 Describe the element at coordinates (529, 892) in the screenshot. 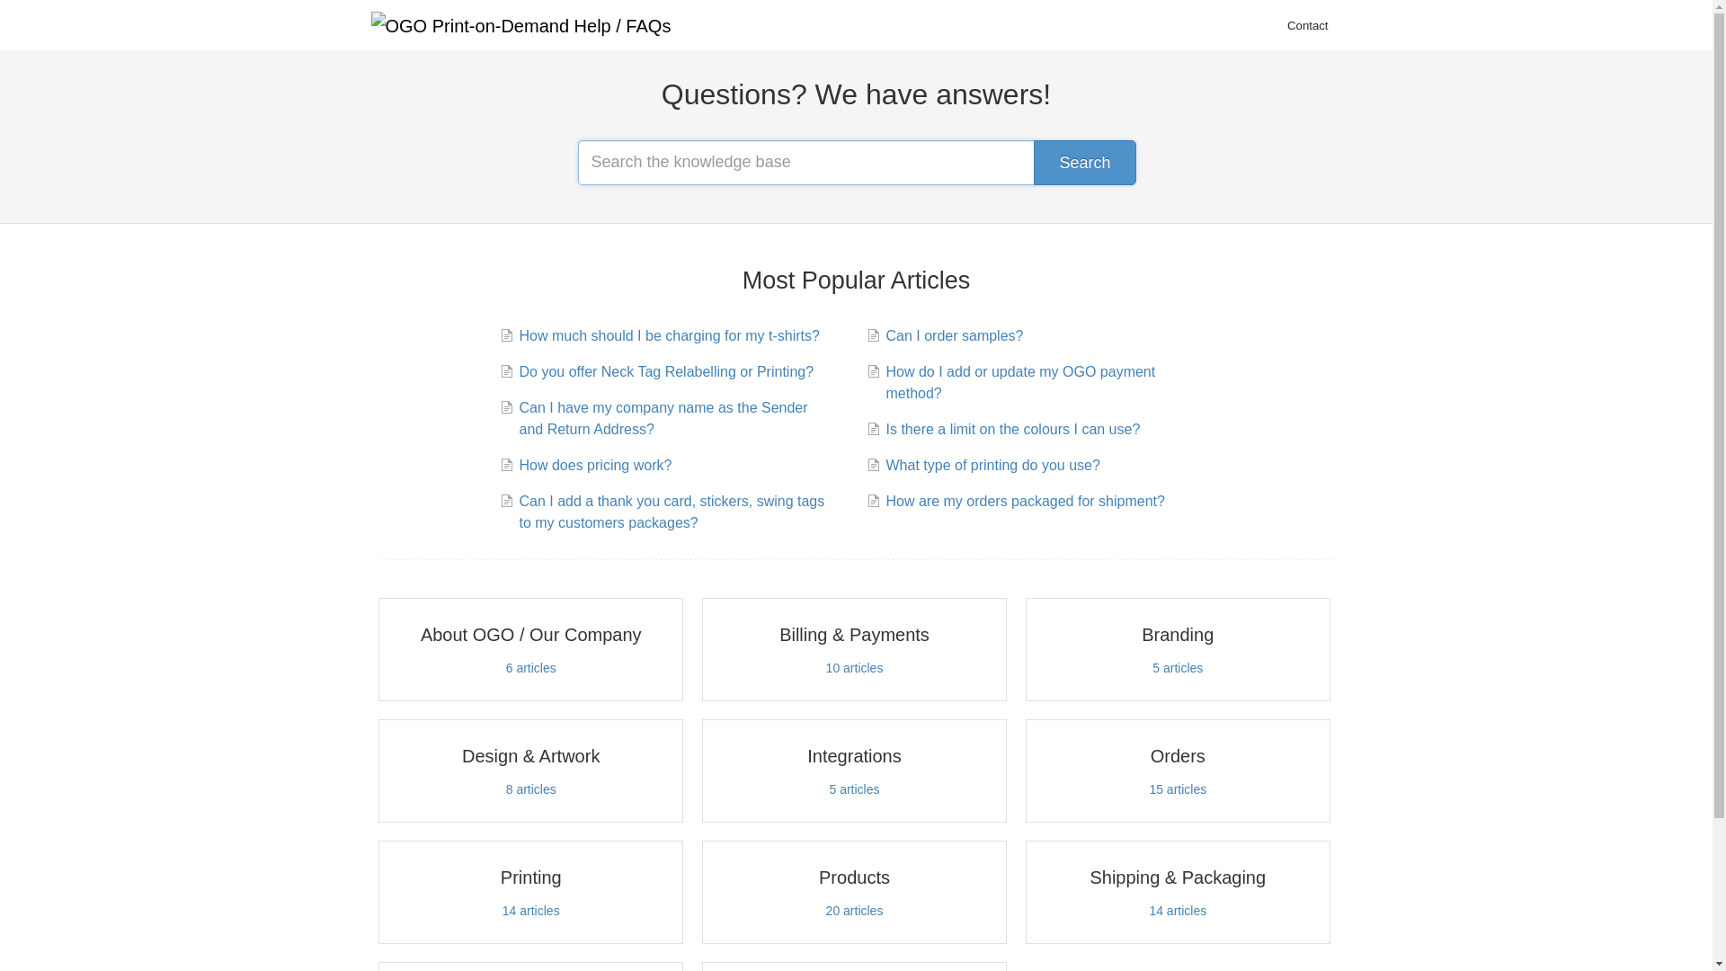

I see `'Printing` at that location.